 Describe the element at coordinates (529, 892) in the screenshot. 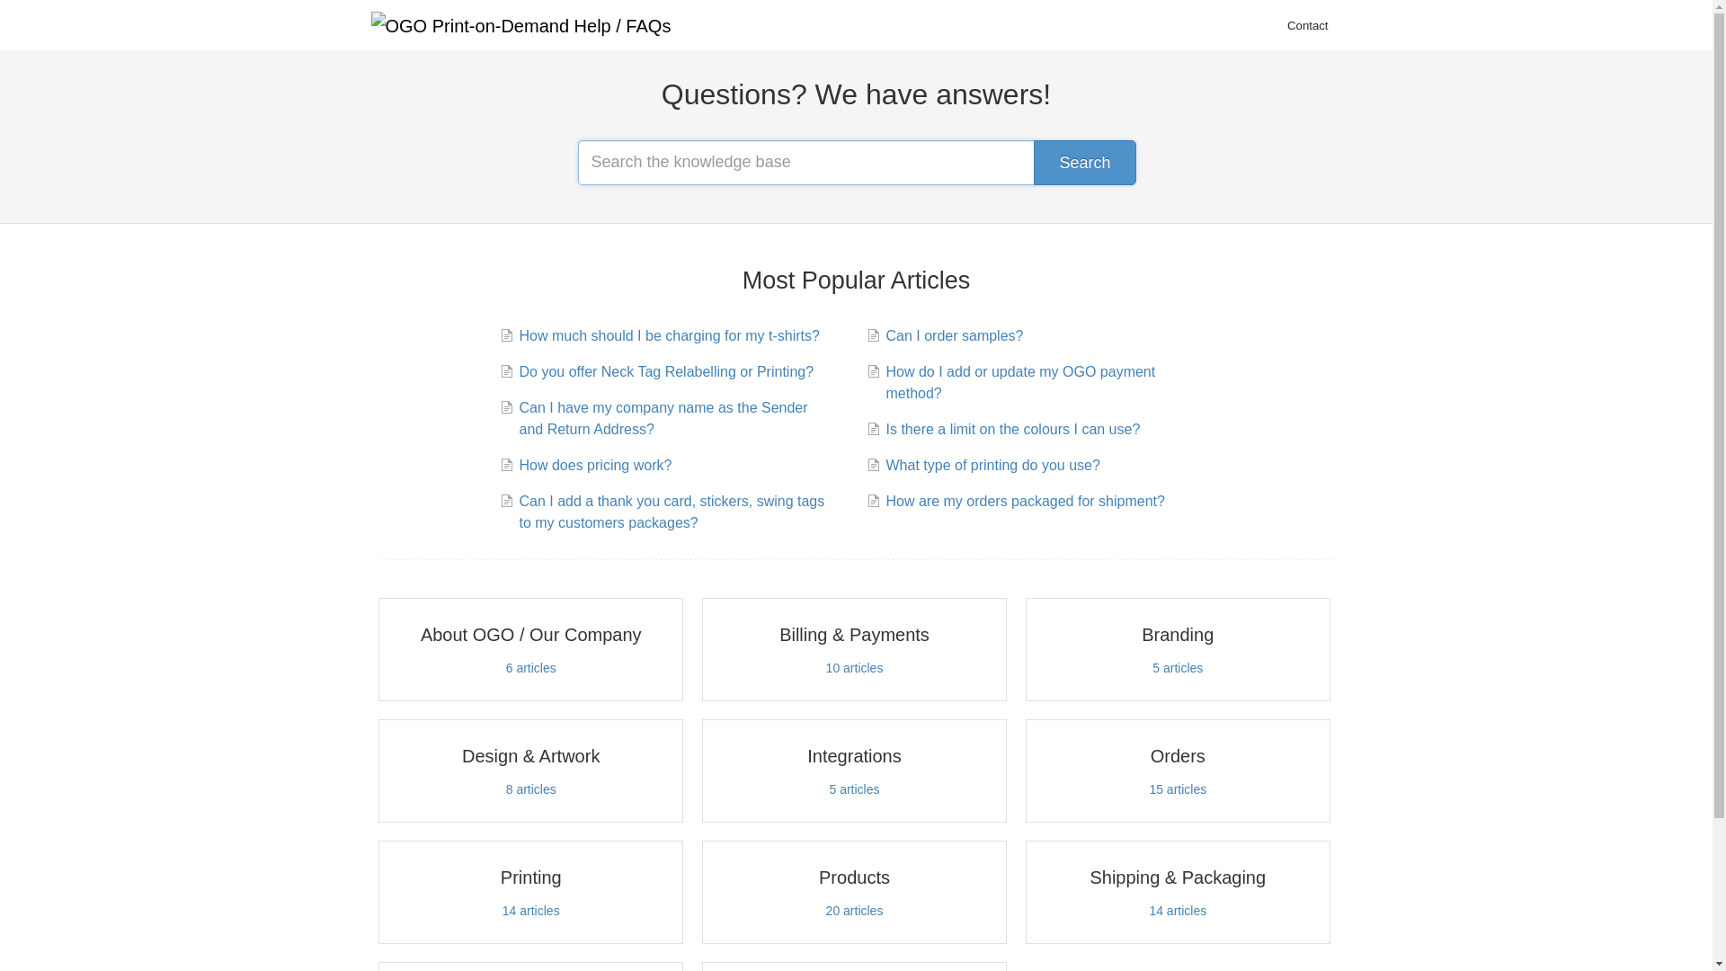

I see `'Printing` at that location.